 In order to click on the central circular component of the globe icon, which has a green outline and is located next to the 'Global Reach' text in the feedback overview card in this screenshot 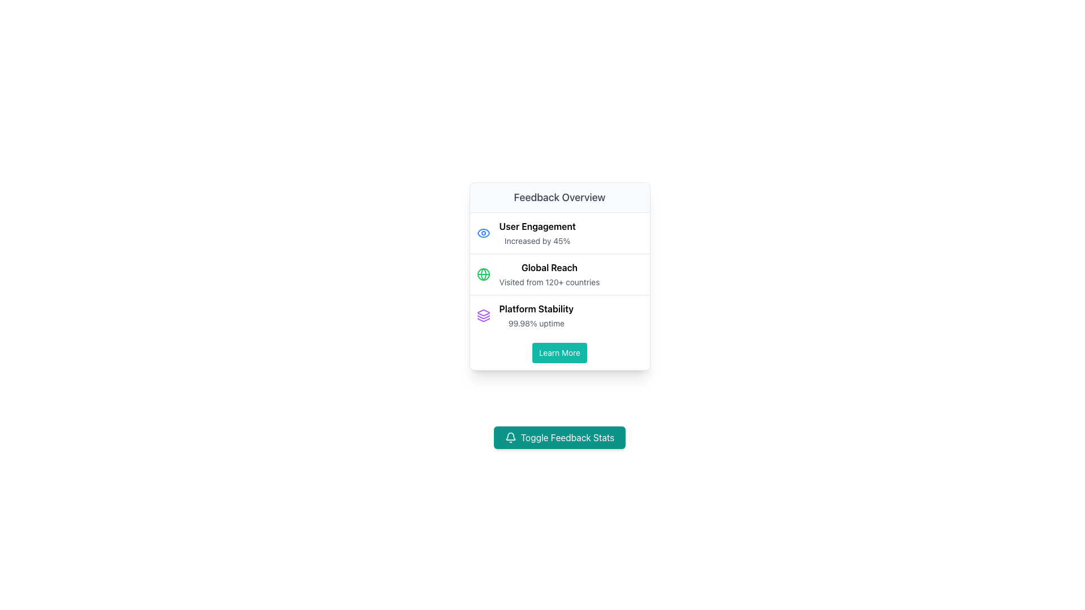, I will do `click(483, 274)`.